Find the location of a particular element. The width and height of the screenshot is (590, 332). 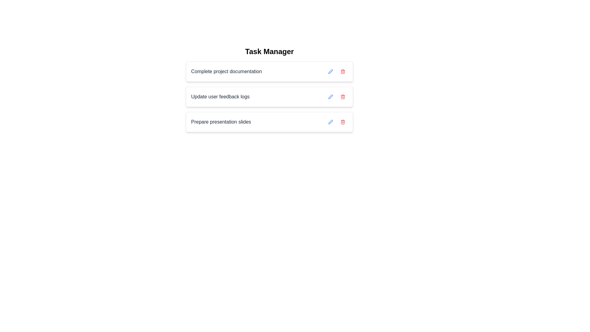

the red trash icon in the control group for the second task row is located at coordinates (336, 97).